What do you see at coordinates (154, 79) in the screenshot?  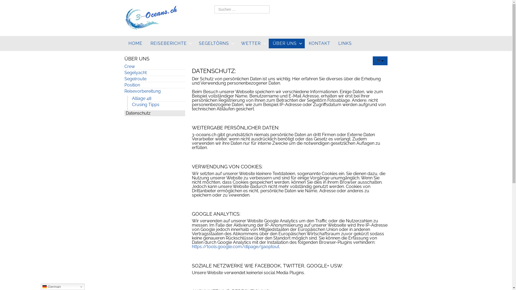 I see `'Segelroute'` at bounding box center [154, 79].